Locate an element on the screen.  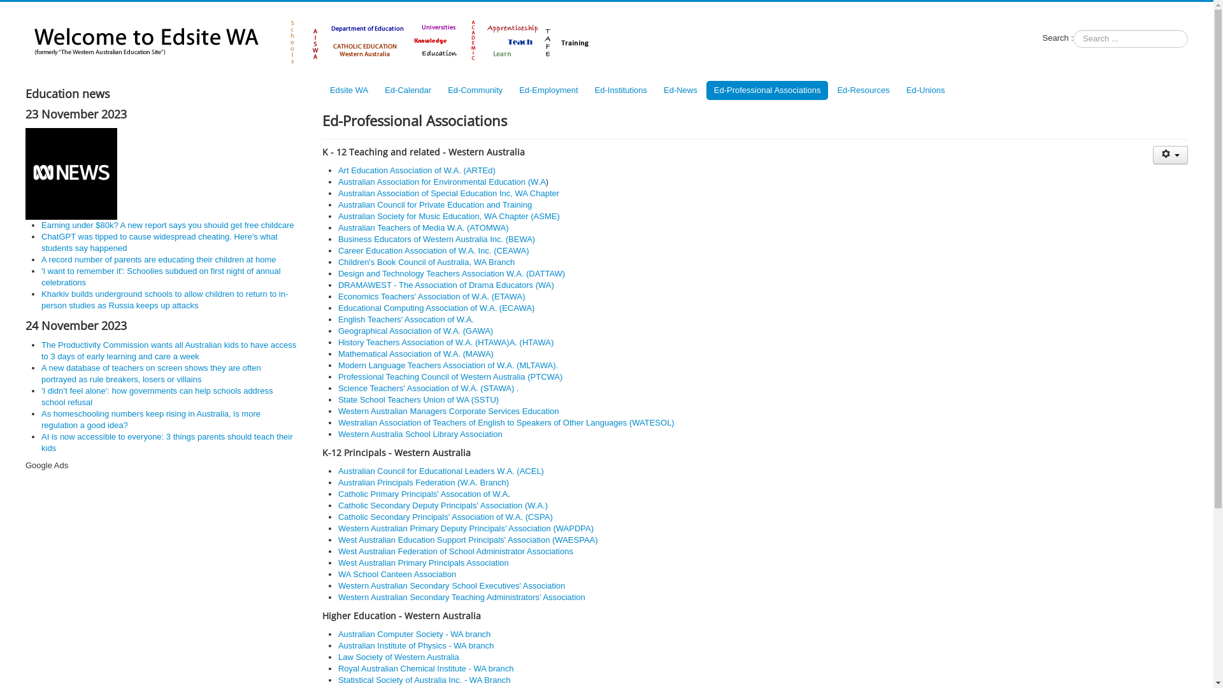
'Ed-Community' is located at coordinates (474, 90).